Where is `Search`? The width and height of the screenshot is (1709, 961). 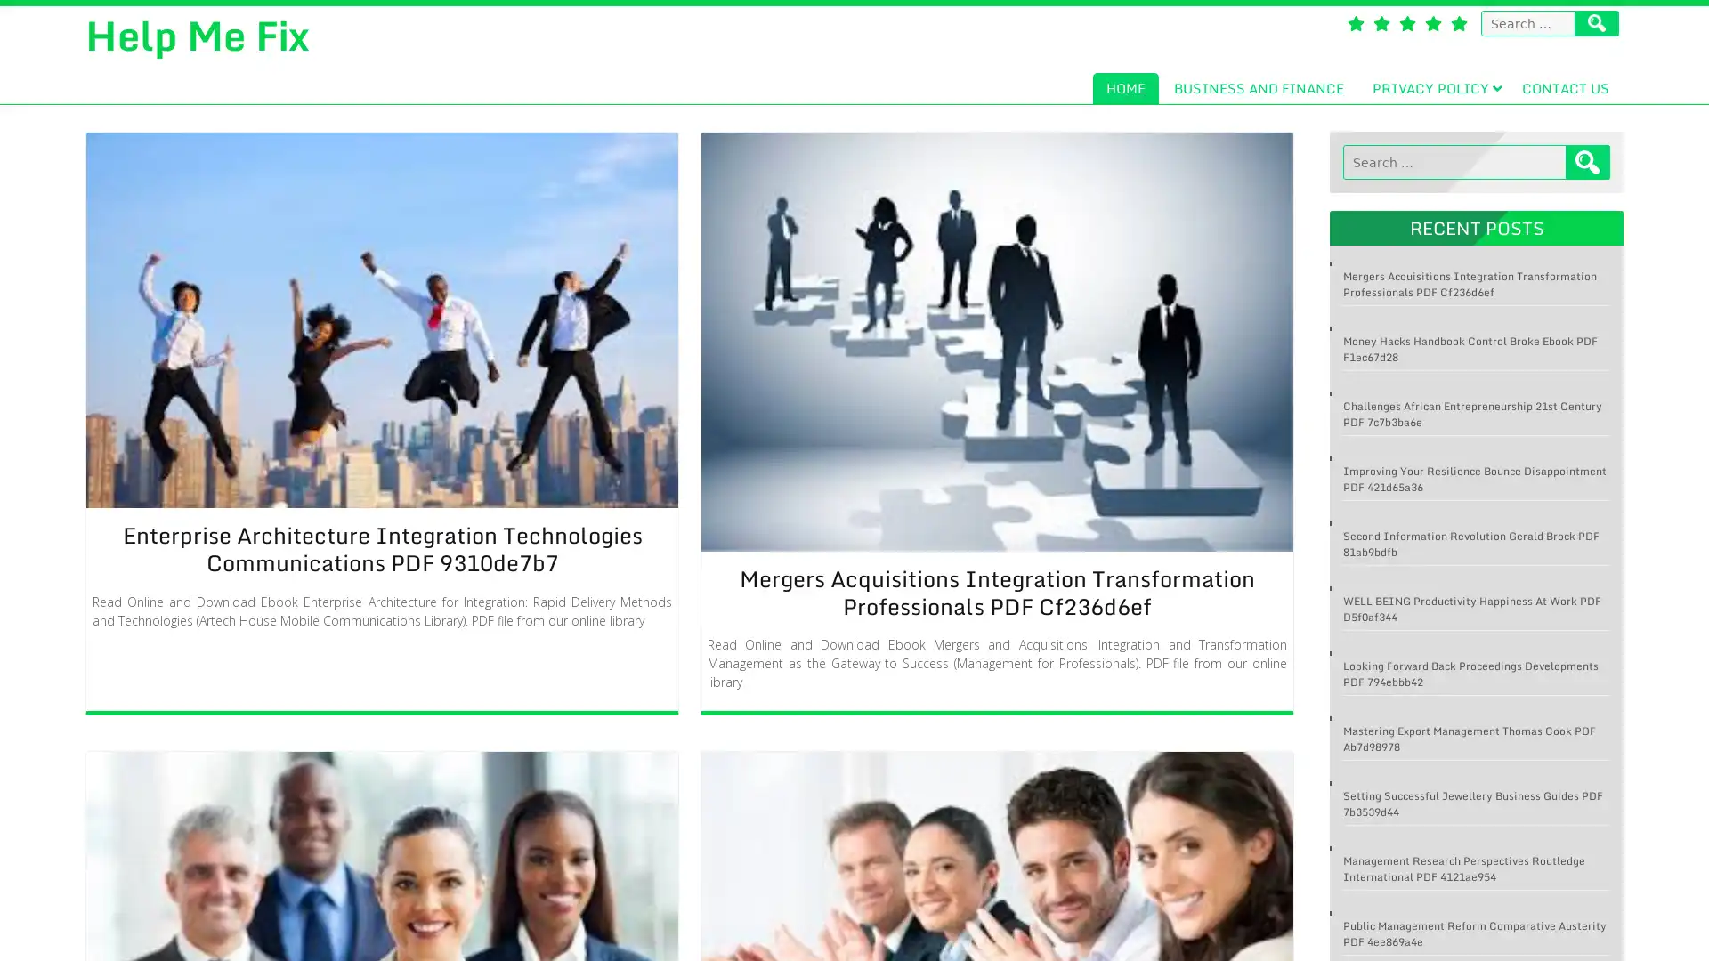 Search is located at coordinates (1597, 23).